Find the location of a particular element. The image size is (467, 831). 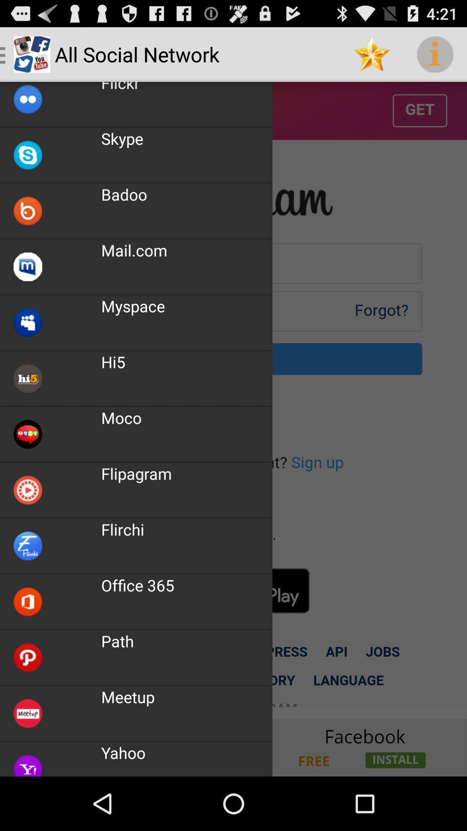

yahoo is located at coordinates (233, 747).